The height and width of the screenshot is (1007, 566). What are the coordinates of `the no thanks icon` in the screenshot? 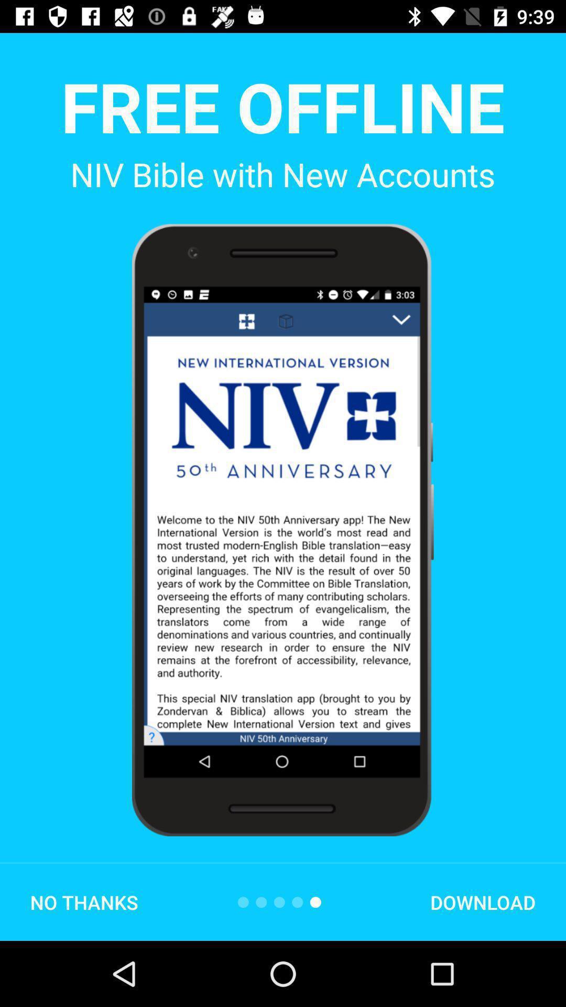 It's located at (83, 902).